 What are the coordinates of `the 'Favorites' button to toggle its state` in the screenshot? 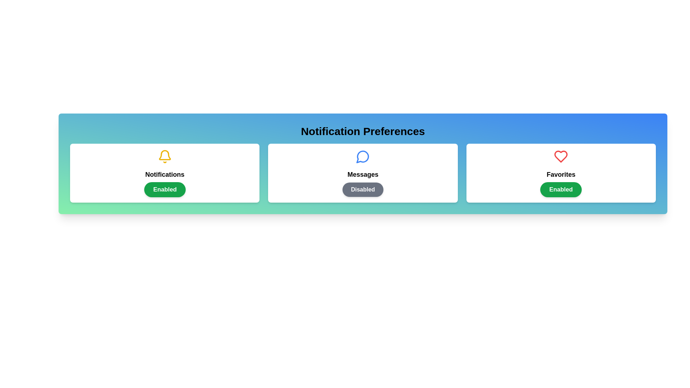 It's located at (560, 189).